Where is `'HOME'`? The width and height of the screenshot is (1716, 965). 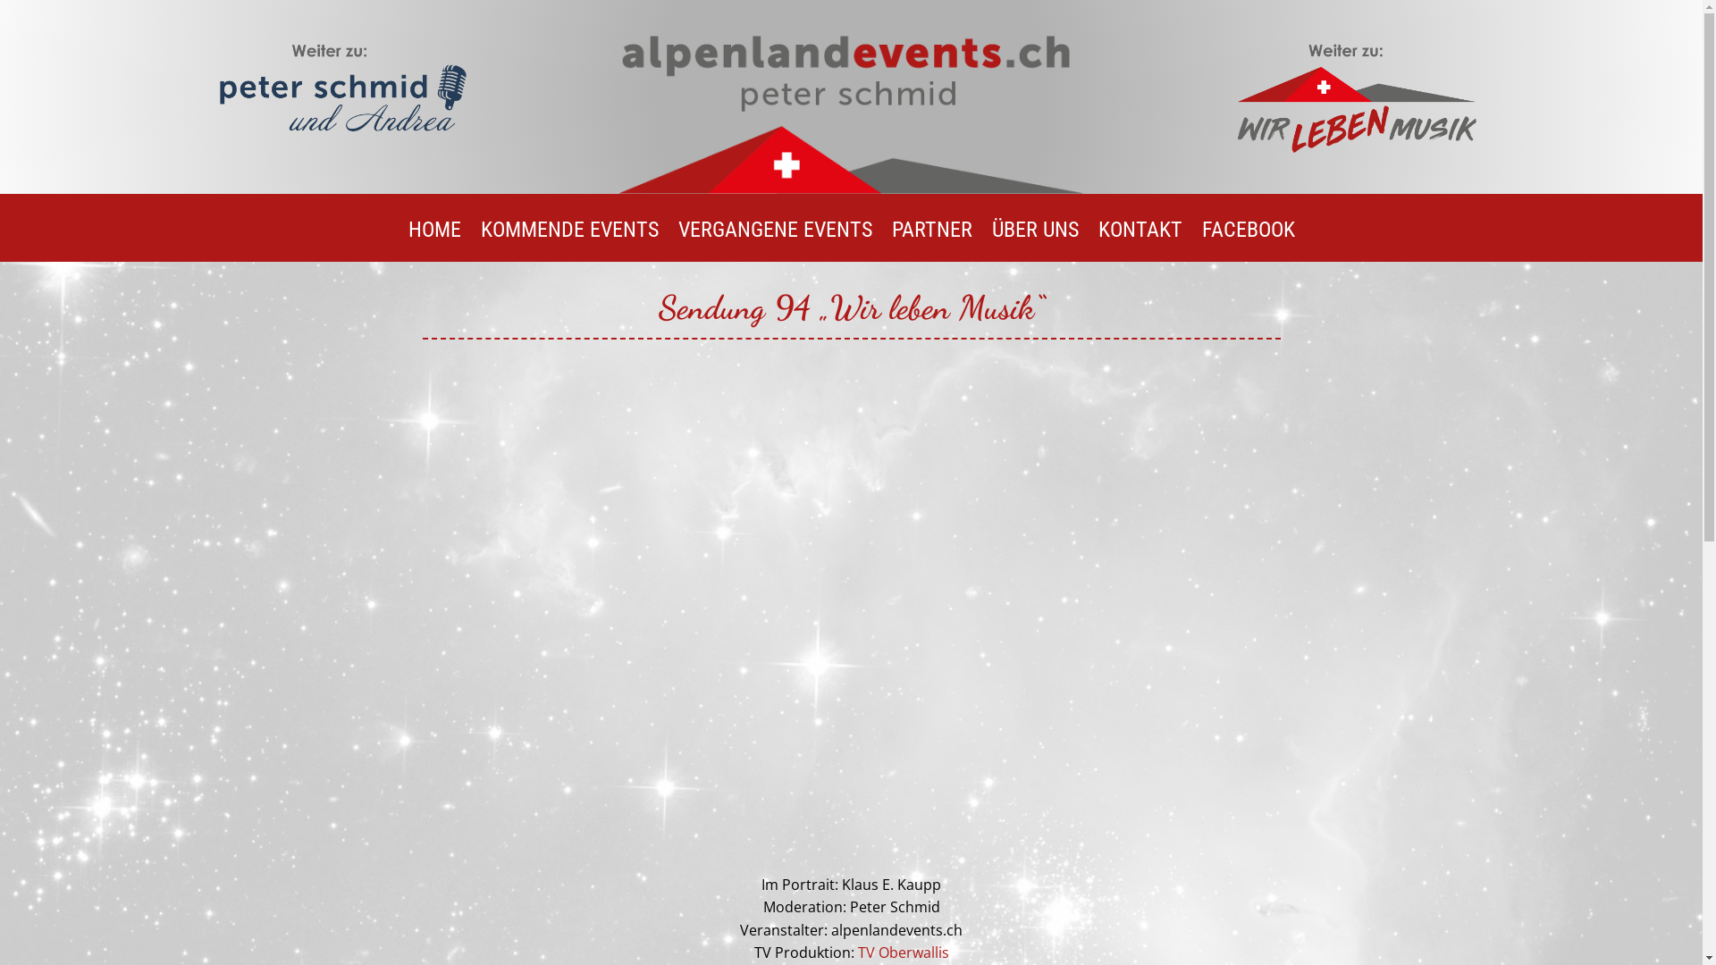 'HOME' is located at coordinates (433, 242).